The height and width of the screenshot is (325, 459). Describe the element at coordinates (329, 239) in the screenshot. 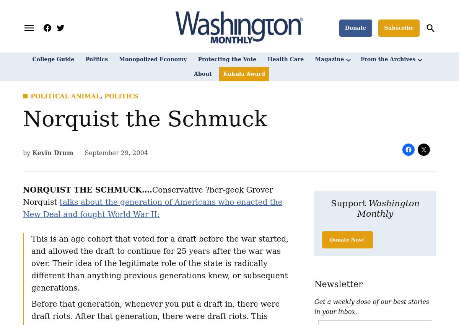

I see `'Donate Now!'` at that location.